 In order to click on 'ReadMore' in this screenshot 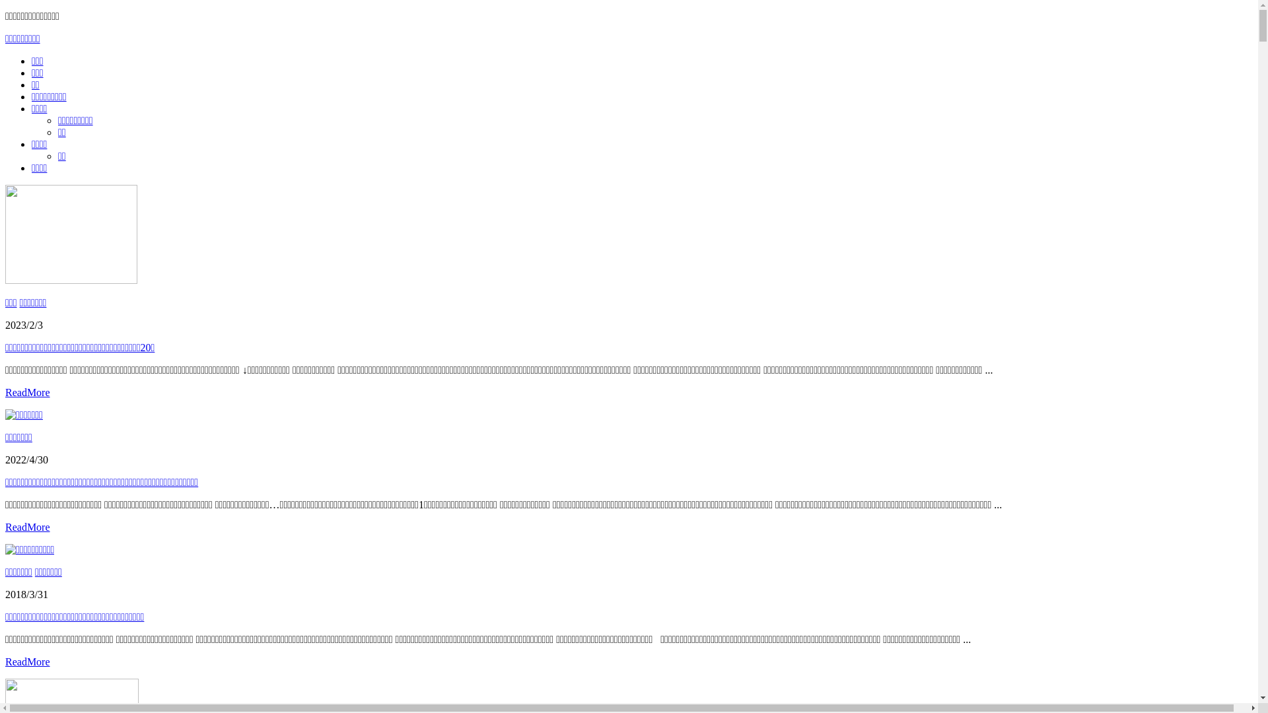, I will do `click(28, 662)`.